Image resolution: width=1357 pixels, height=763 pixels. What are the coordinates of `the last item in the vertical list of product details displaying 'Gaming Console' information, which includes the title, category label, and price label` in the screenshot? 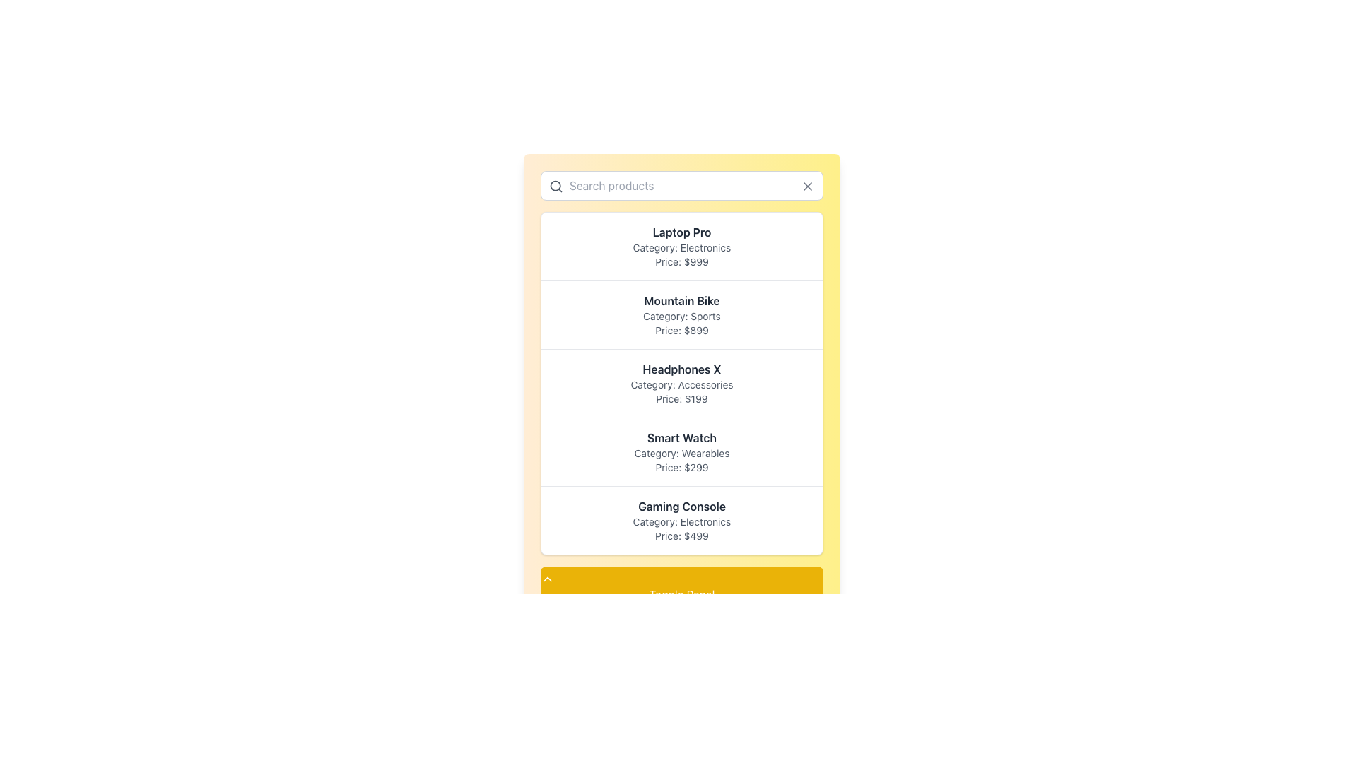 It's located at (681, 520).